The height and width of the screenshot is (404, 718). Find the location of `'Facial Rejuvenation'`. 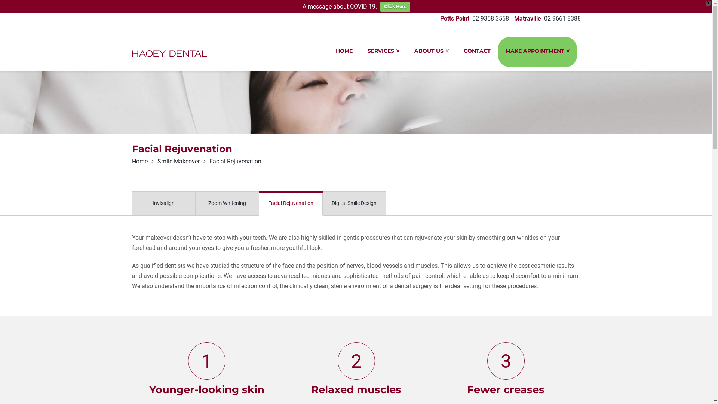

'Facial Rejuvenation' is located at coordinates (290, 203).